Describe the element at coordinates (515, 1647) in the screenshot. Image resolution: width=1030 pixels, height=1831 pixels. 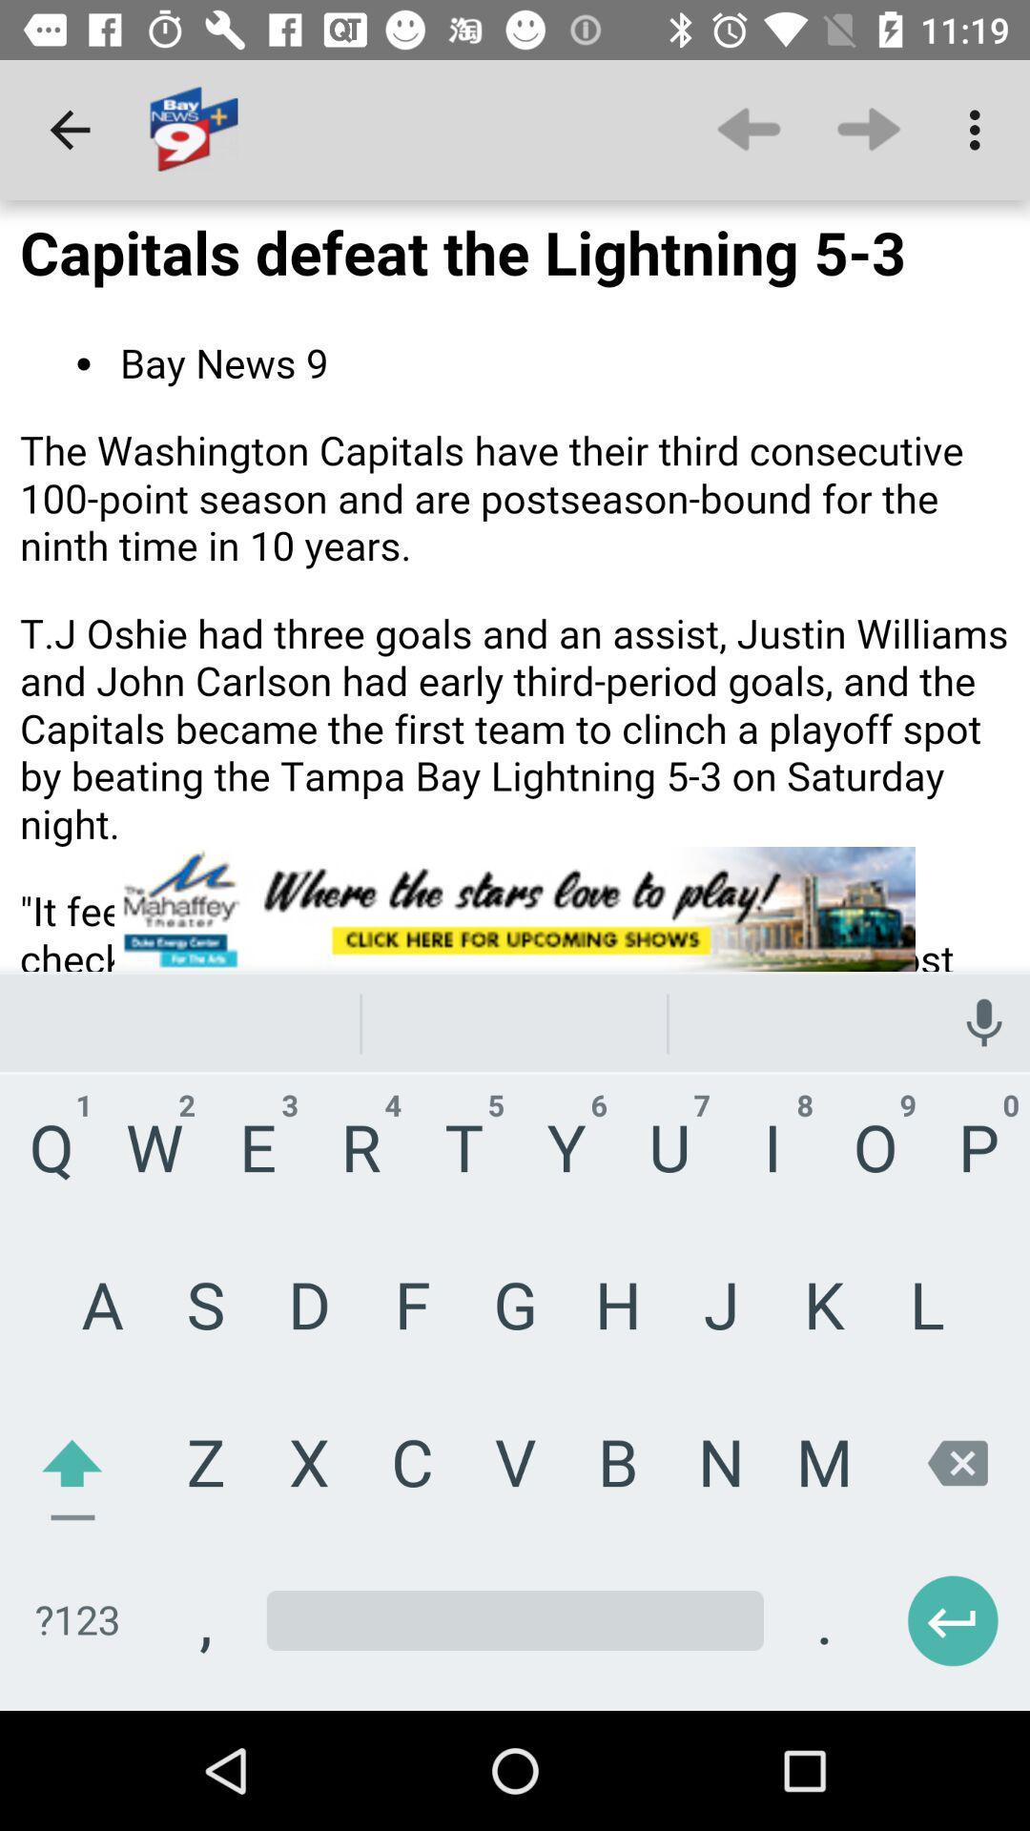
I see `type in this space` at that location.